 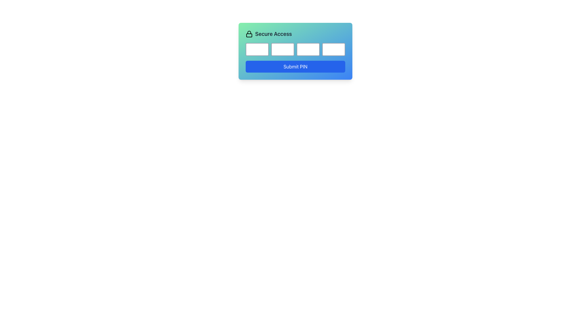 I want to click on the lock icon with a green background that indicates security features, located to the far left of the 'Secure Access' text label, so click(x=249, y=34).